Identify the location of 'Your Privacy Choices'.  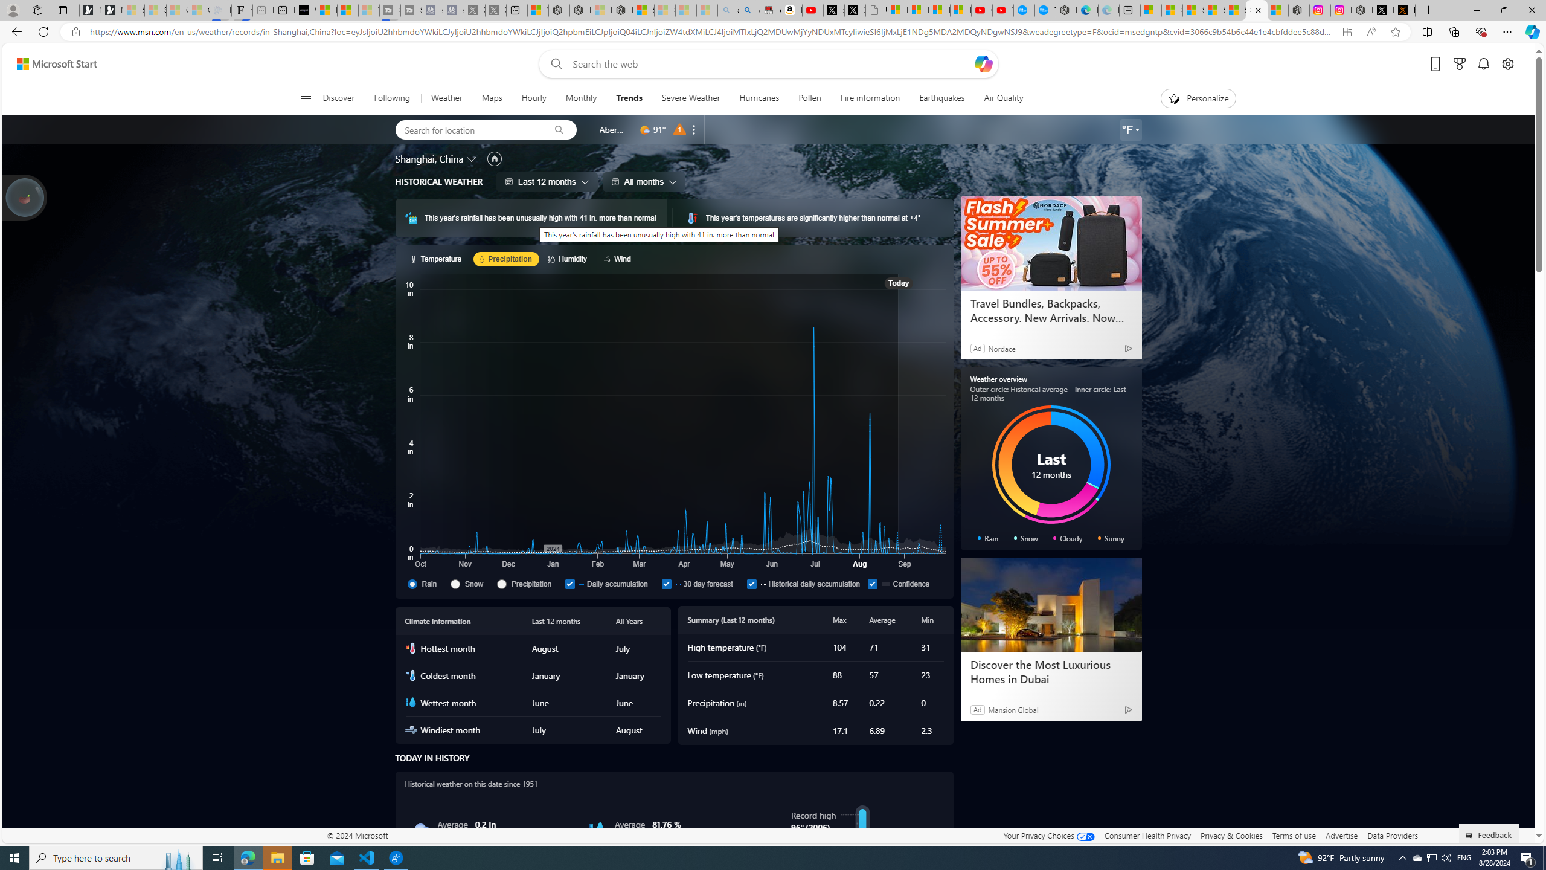
(1048, 835).